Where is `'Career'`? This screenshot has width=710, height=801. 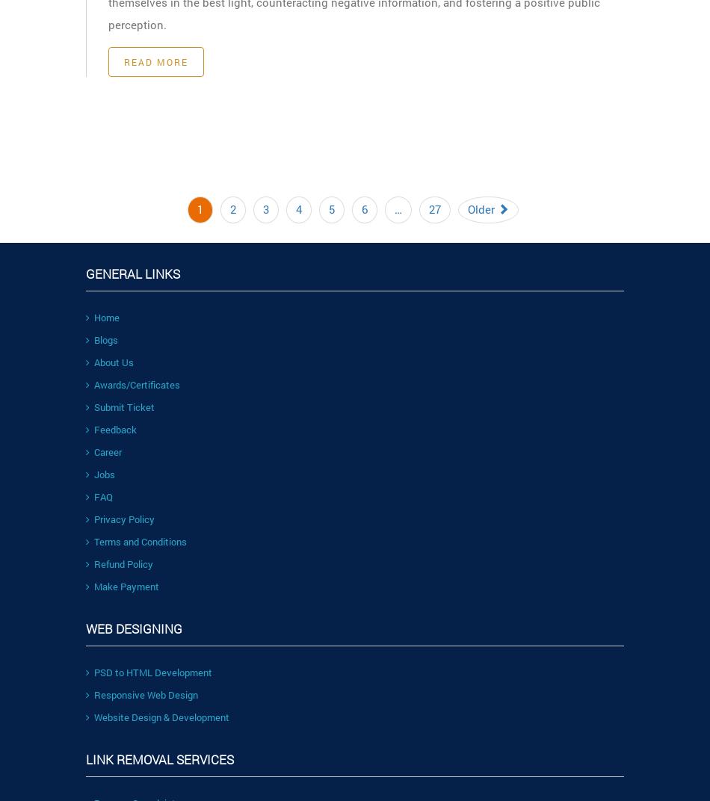
'Career' is located at coordinates (93, 450).